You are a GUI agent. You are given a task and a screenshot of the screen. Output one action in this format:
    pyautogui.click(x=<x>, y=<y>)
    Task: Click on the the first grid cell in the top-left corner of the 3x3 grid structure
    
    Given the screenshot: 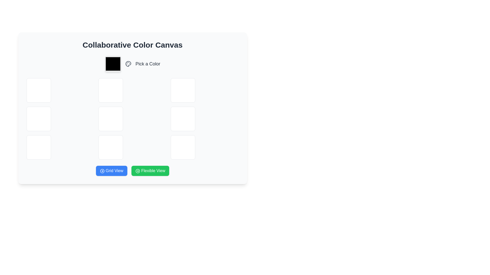 What is the action you would take?
    pyautogui.click(x=38, y=90)
    